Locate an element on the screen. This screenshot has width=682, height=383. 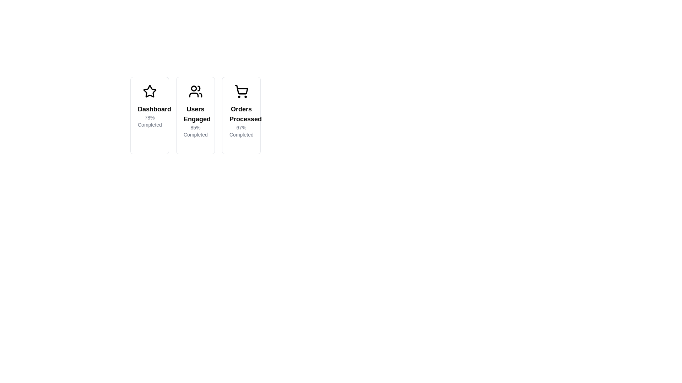
the text block displaying 'Users Engaged' and '85% Completed', which is located in the second card of a row of three cards is located at coordinates (195, 121).